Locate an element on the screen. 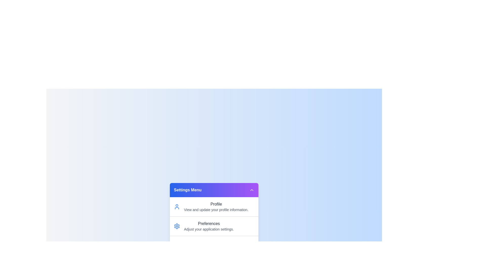 The width and height of the screenshot is (486, 273). the toggle button in the header of the settings menu to toggle its visibility is located at coordinates (252, 190).